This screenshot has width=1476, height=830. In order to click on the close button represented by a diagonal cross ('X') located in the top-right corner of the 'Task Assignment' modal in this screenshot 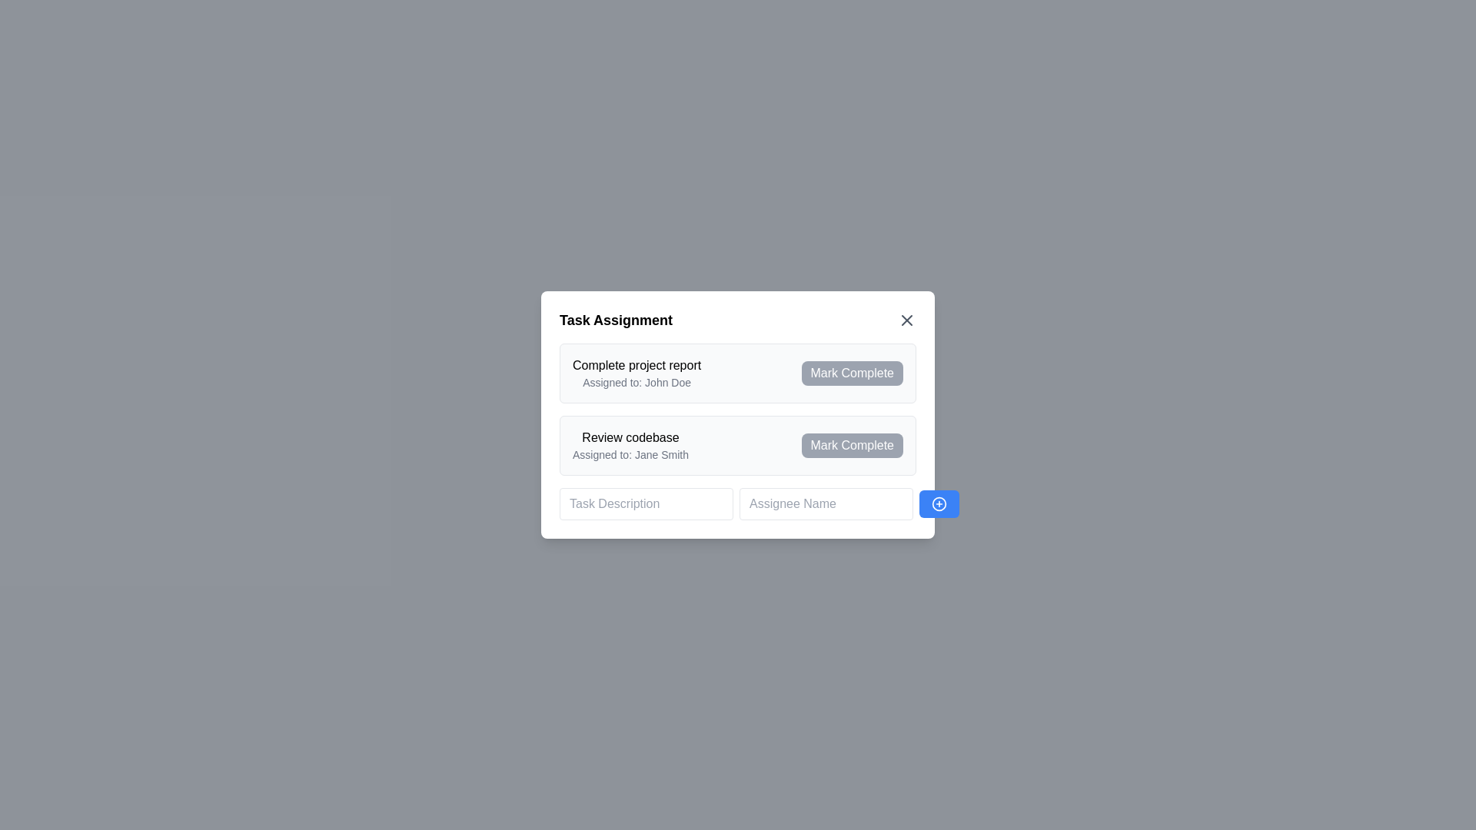, I will do `click(907, 319)`.